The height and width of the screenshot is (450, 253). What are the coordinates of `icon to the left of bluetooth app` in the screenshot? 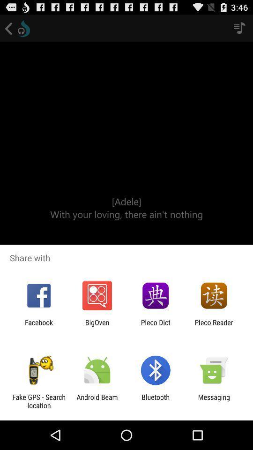 It's located at (97, 401).